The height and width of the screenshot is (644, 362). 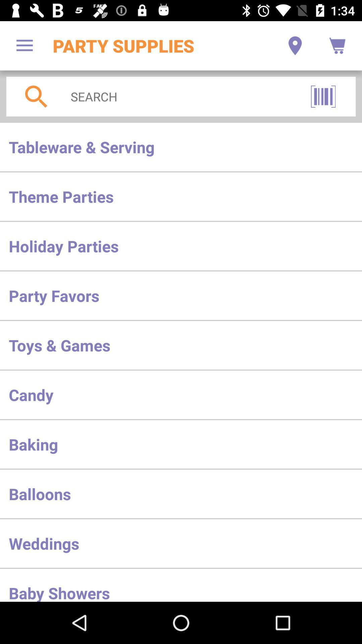 What do you see at coordinates (178, 96) in the screenshot?
I see `the icon above the tableware & serving icon` at bounding box center [178, 96].